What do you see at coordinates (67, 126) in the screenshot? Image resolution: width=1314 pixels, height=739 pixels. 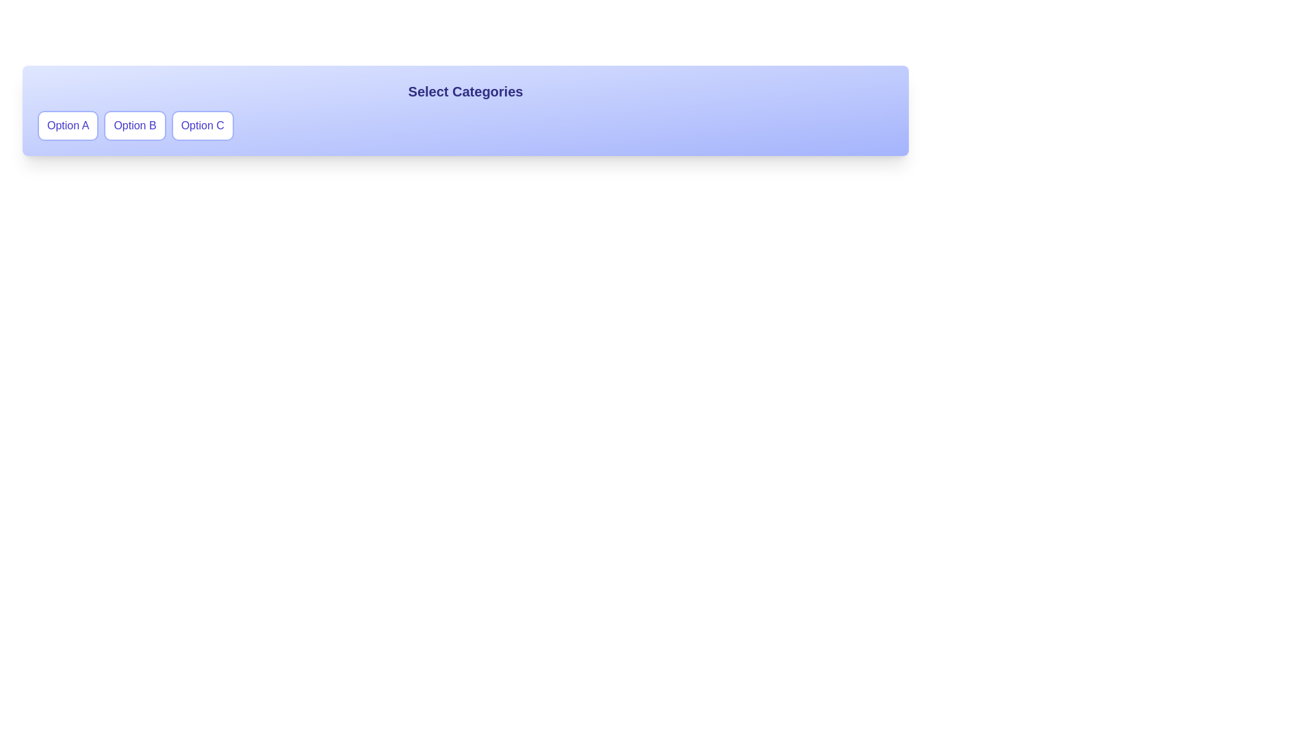 I see `the button labeled Option A to observe any visual change` at bounding box center [67, 126].